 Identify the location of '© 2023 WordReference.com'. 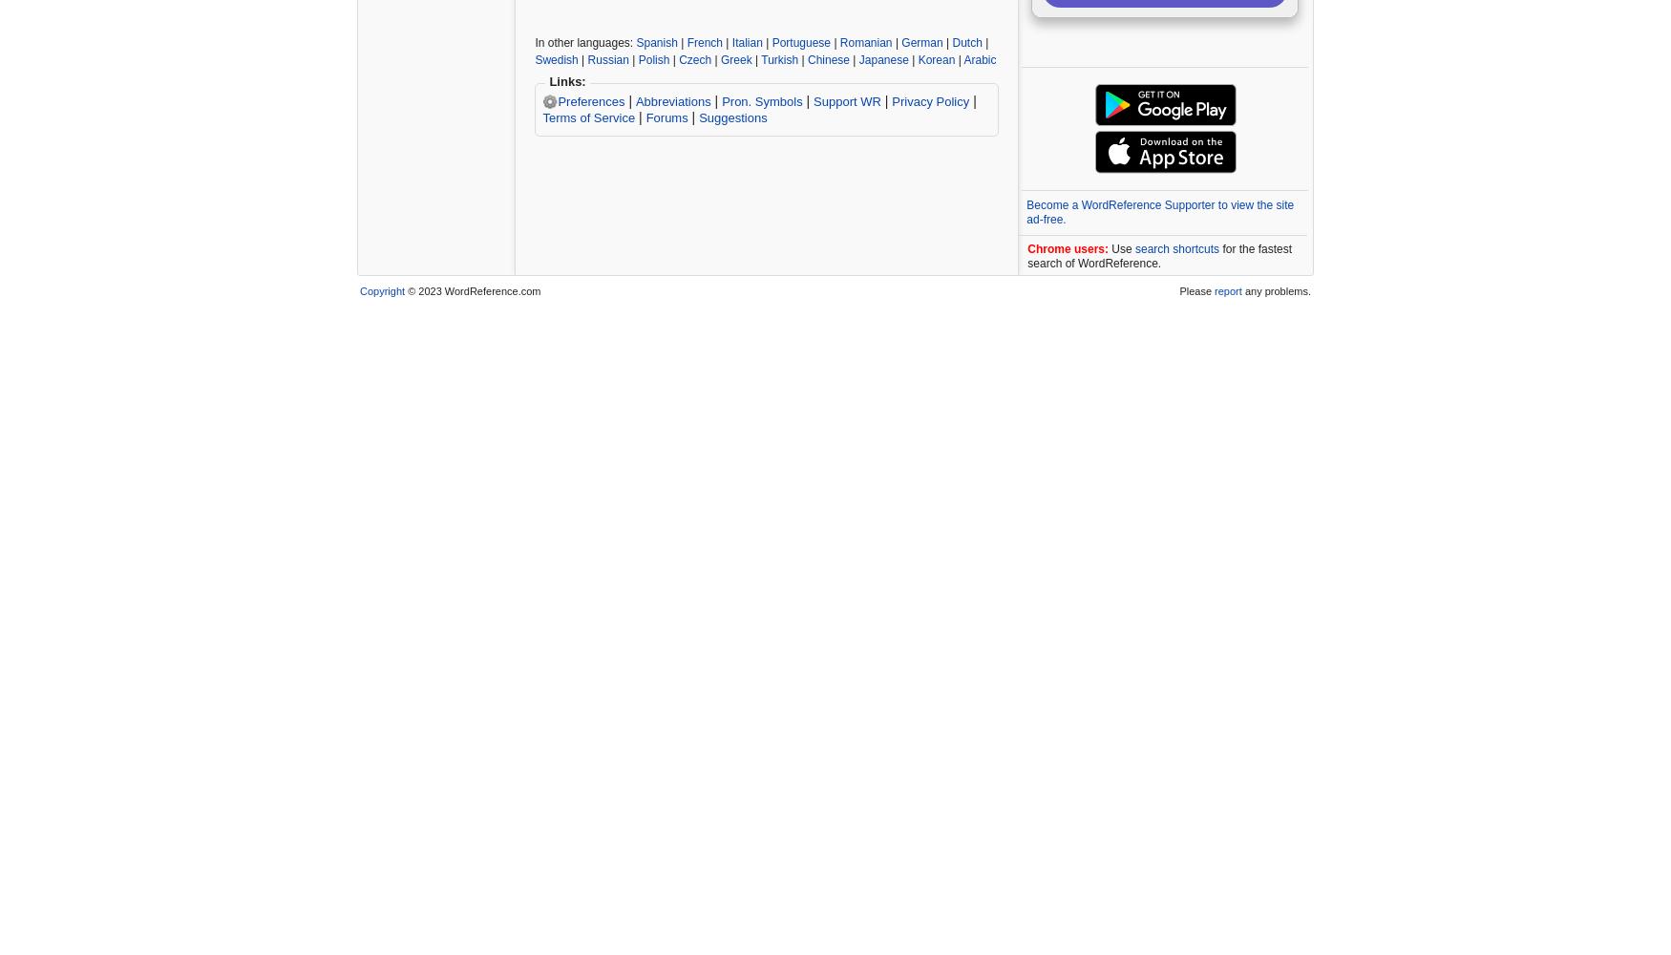
(473, 290).